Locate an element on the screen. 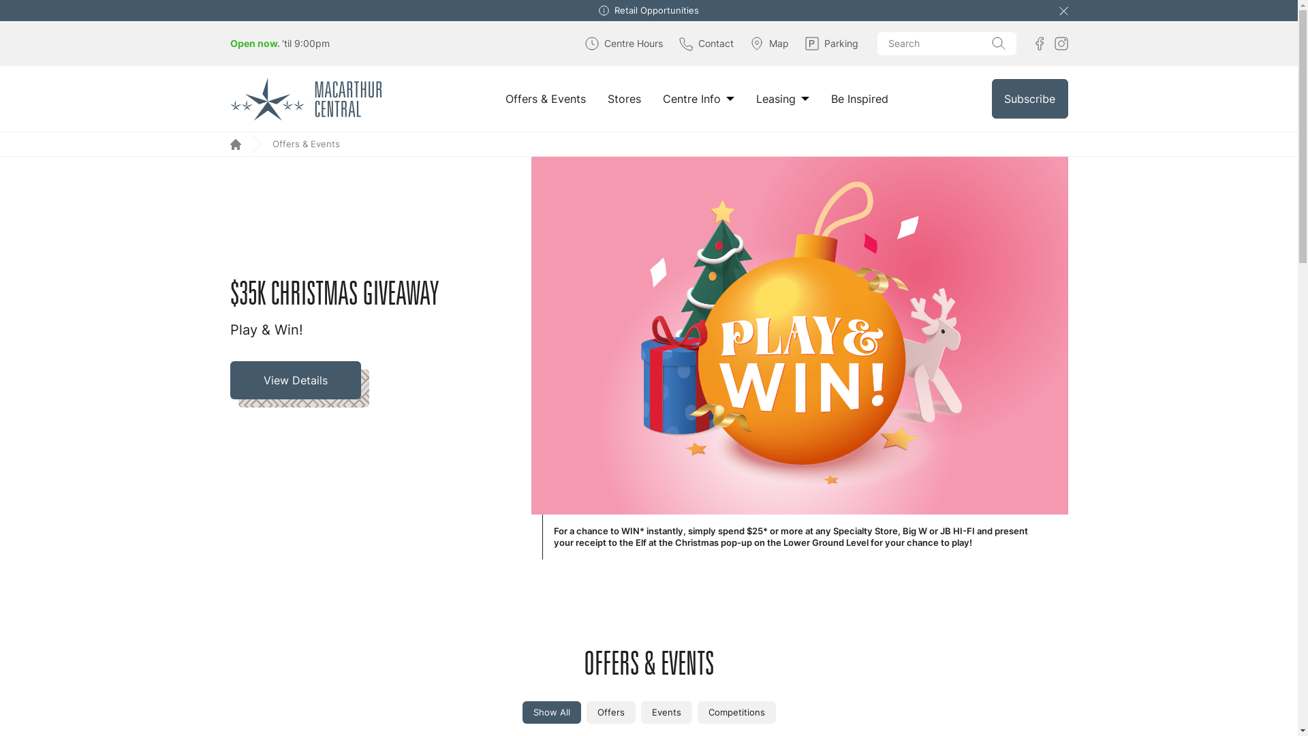  'Parking' is located at coordinates (830, 43).